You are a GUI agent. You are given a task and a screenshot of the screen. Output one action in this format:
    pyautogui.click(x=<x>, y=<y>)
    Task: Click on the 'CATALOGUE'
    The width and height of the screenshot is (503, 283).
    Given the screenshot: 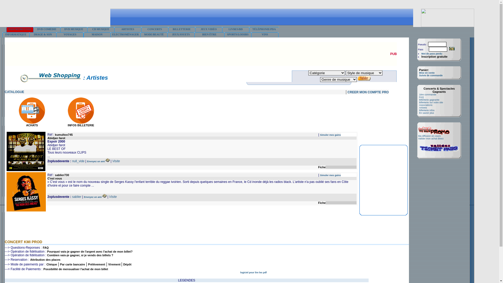 What is the action you would take?
    pyautogui.click(x=14, y=92)
    